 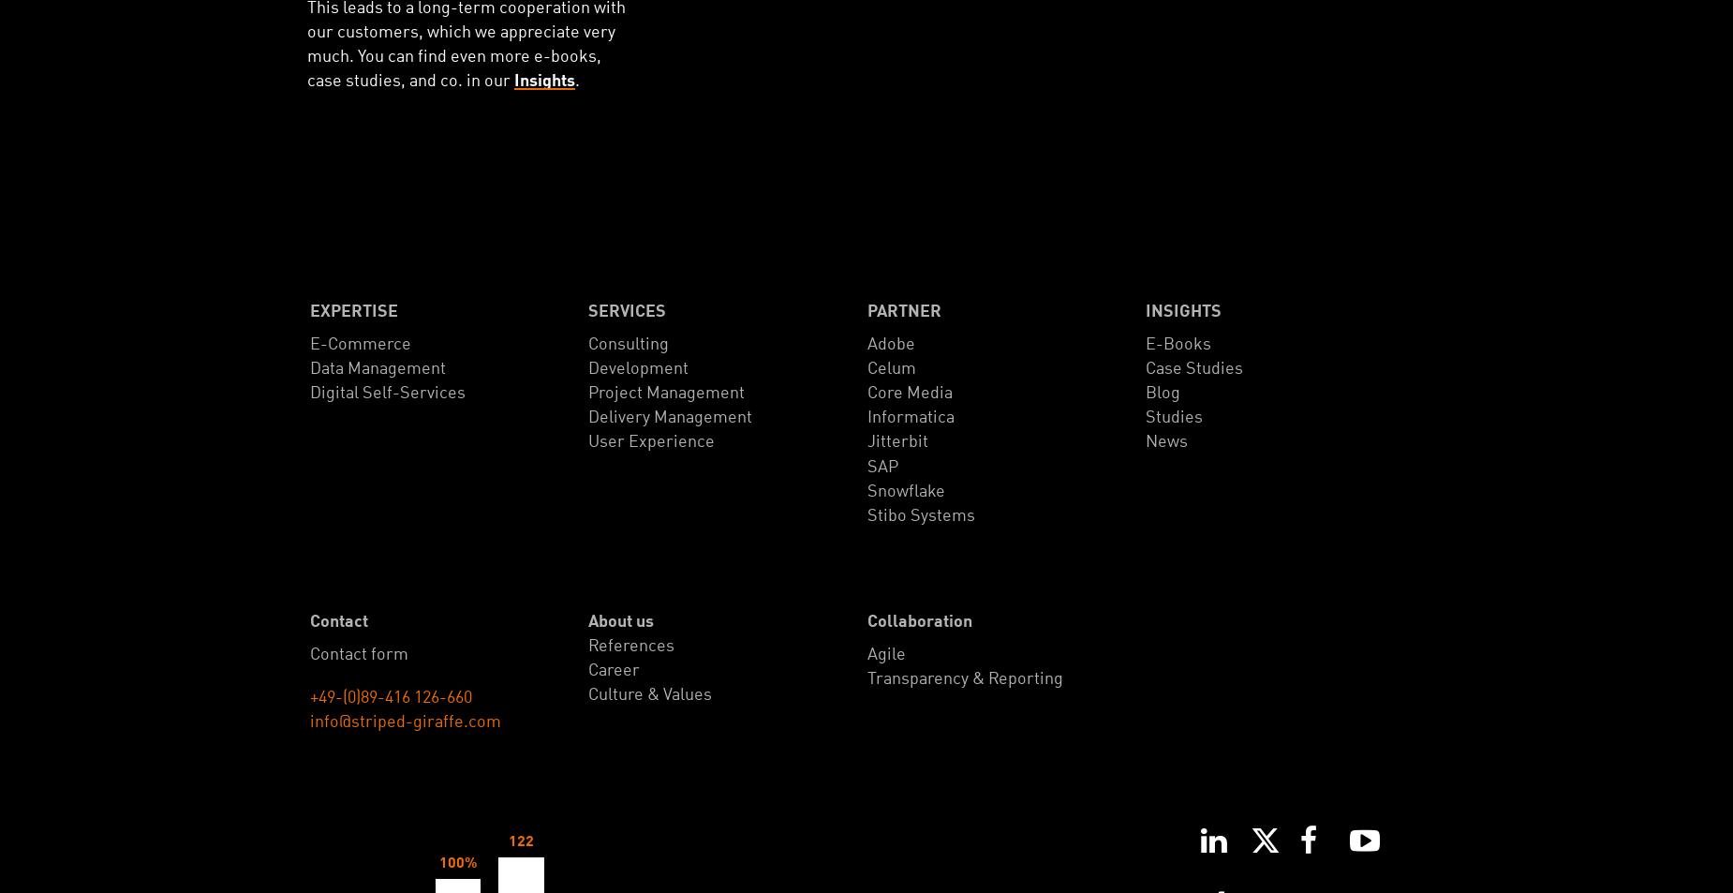 I want to click on 'E-Commerce', so click(x=308, y=343).